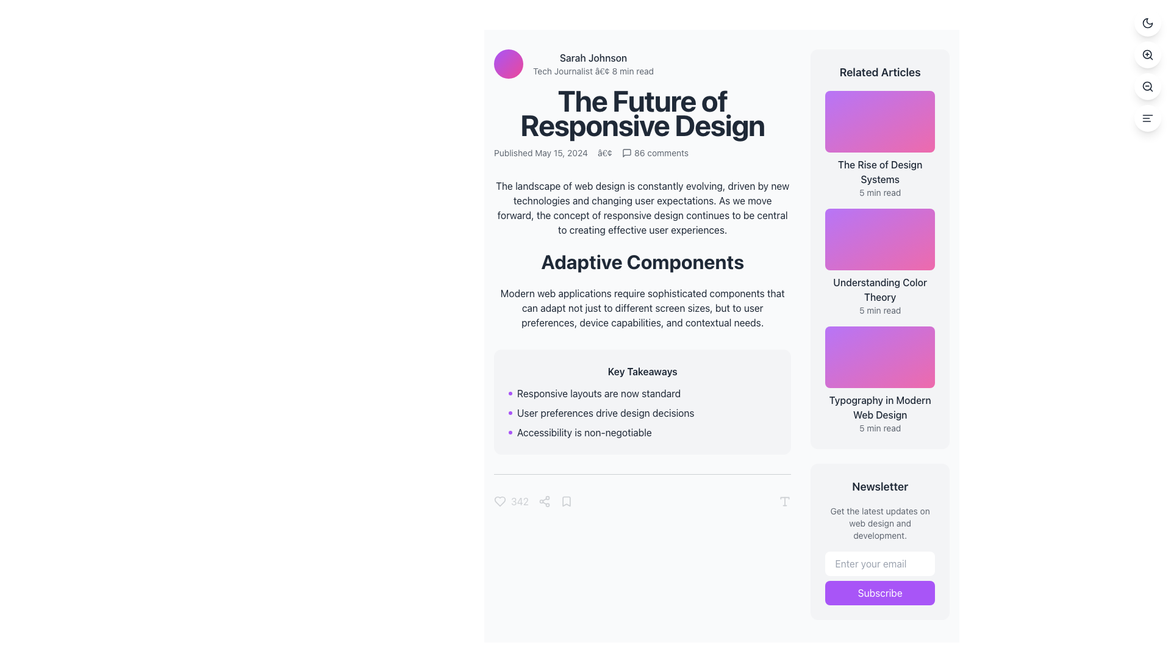 This screenshot has width=1171, height=659. I want to click on the interactive button element that likely navigates to the comment section of the article, so click(654, 152).